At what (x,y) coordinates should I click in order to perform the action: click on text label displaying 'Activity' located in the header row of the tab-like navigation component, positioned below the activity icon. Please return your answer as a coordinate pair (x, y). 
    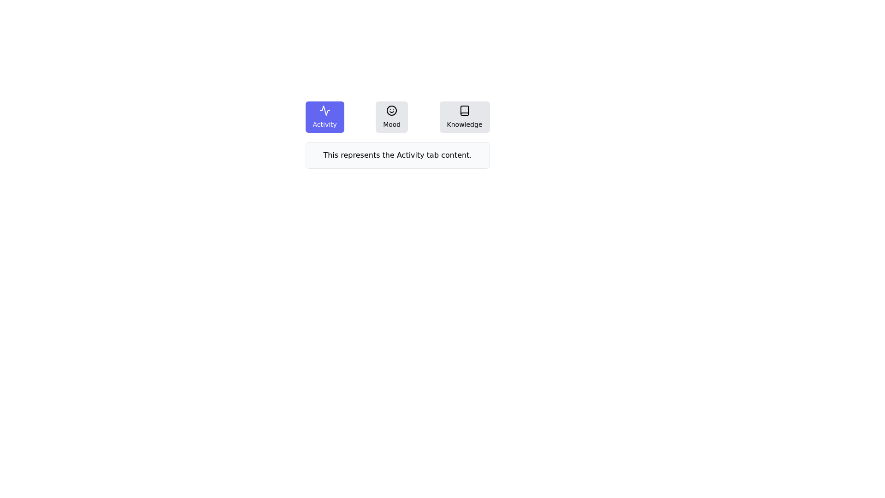
    Looking at the image, I should click on (324, 125).